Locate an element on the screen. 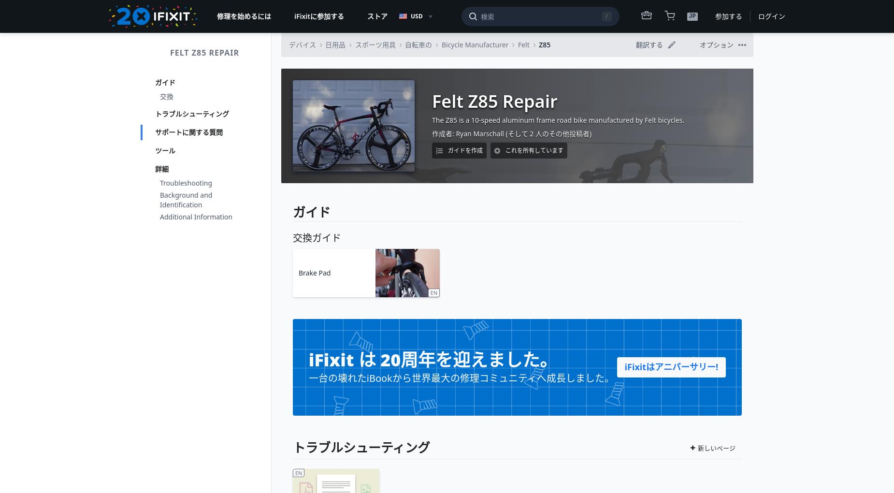 Image resolution: width=894 pixels, height=493 pixels. 'The Z85 is a 10-speed aluminum frame road bike manufactured by Felt bicycles.' is located at coordinates (557, 120).